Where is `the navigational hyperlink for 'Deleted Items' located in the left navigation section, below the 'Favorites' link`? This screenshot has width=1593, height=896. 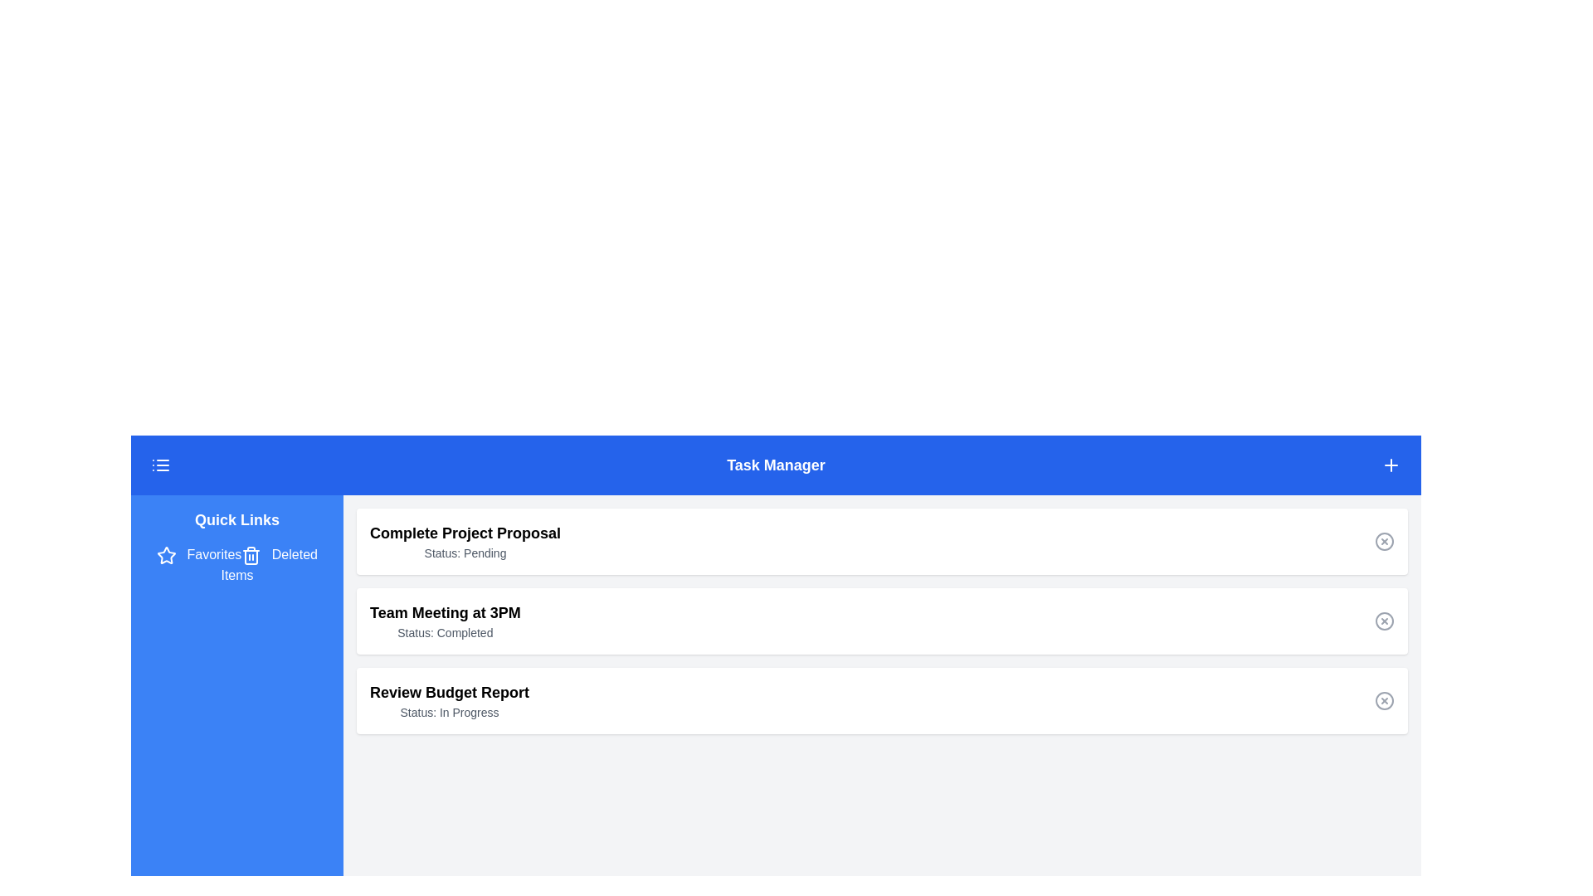
the navigational hyperlink for 'Deleted Items' located in the left navigation section, below the 'Favorites' link is located at coordinates (269, 563).